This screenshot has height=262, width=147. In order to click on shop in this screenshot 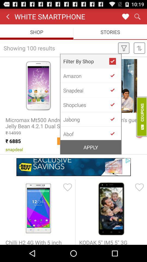, I will do `click(114, 75)`.